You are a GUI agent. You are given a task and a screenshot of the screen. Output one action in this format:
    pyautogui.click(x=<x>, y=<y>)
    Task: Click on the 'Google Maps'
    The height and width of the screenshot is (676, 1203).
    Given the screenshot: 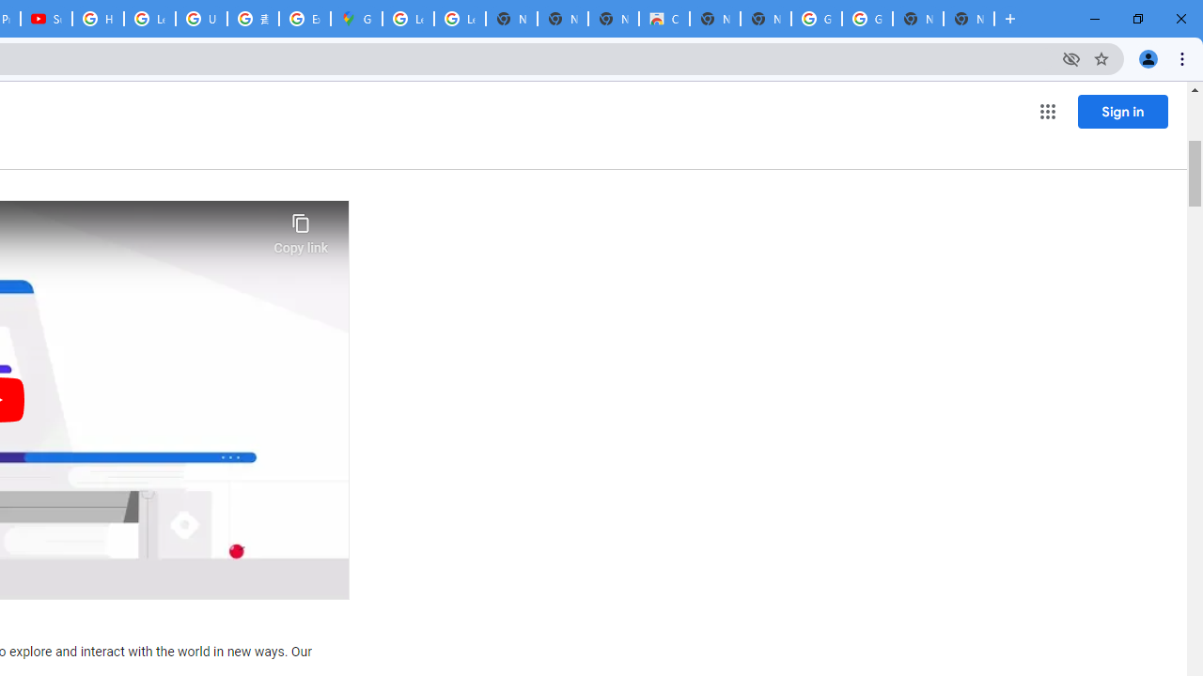 What is the action you would take?
    pyautogui.click(x=356, y=19)
    